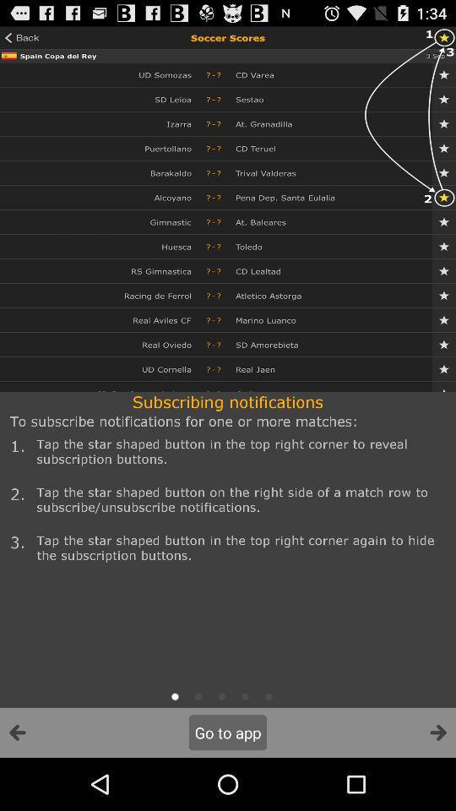 This screenshot has width=456, height=811. I want to click on the arrow_backward icon, so click(17, 784).